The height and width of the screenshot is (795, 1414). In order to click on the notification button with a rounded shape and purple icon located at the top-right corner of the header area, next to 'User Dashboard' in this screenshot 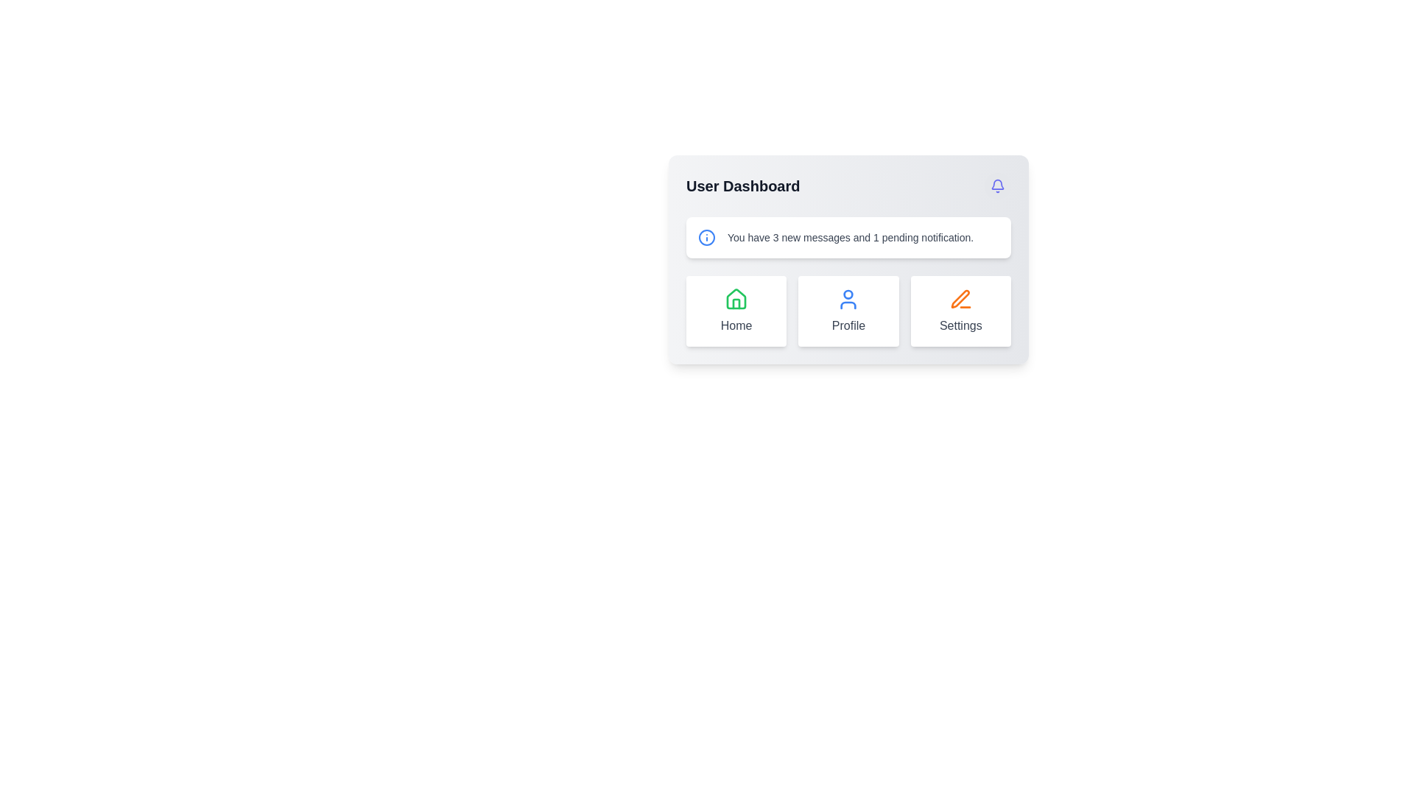, I will do `click(997, 185)`.